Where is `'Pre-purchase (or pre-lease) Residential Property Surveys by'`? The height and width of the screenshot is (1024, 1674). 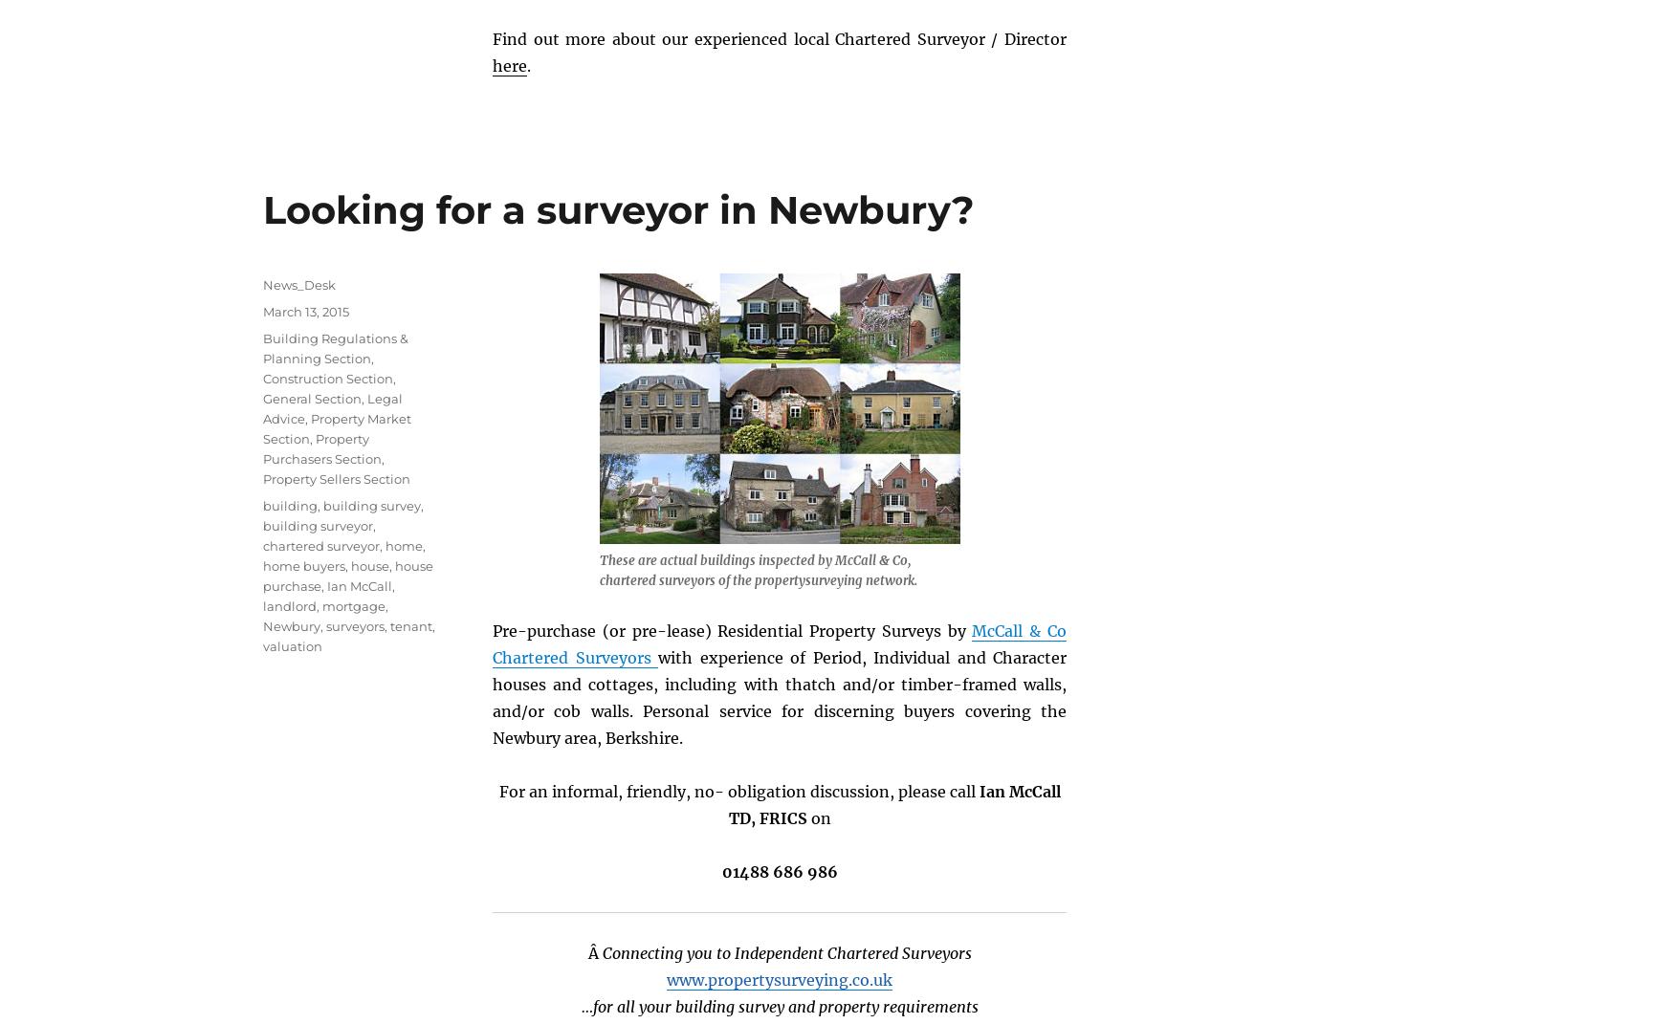
'Pre-purchase (or pre-lease) Residential Property Surveys by' is located at coordinates (731, 628).